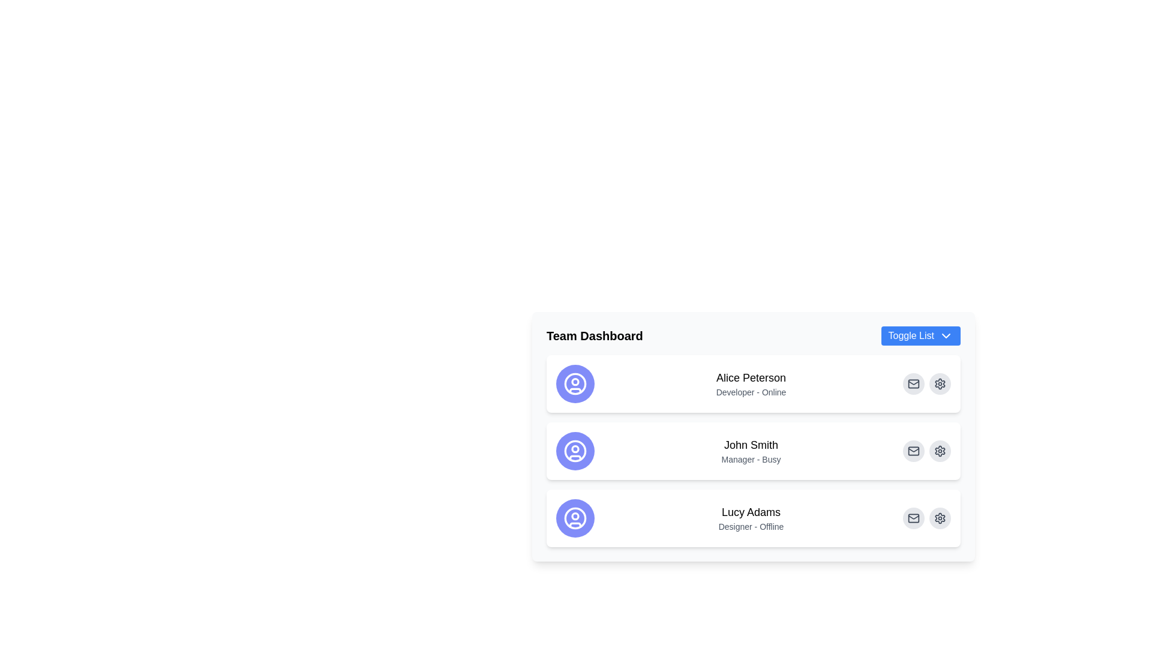 This screenshot has height=648, width=1152. What do you see at coordinates (575, 384) in the screenshot?
I see `the circular SVG graphic representing a user icon, located to the left of 'Alice Peterson' in the team list` at bounding box center [575, 384].